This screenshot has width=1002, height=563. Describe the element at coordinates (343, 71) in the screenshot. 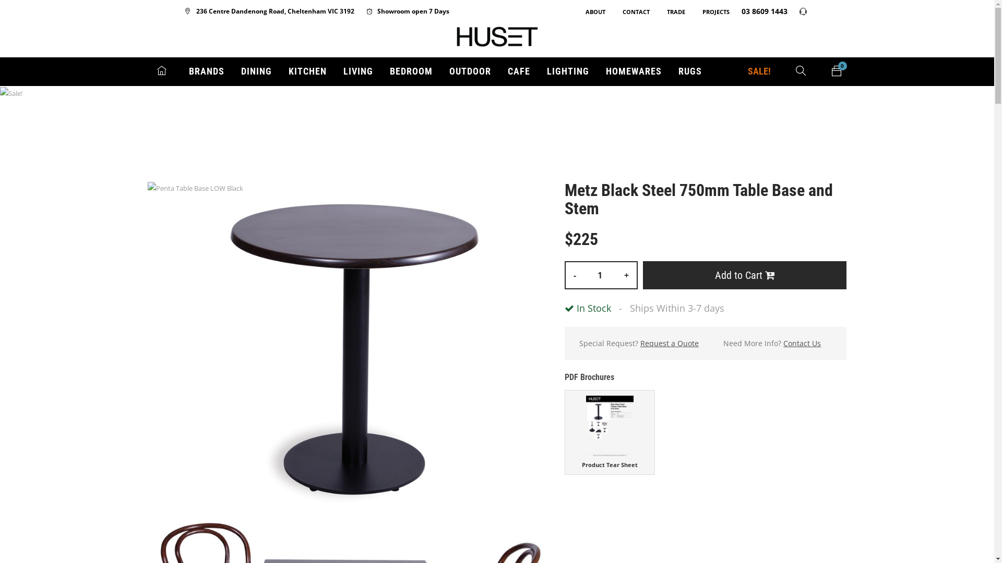

I see `'LIVING'` at that location.